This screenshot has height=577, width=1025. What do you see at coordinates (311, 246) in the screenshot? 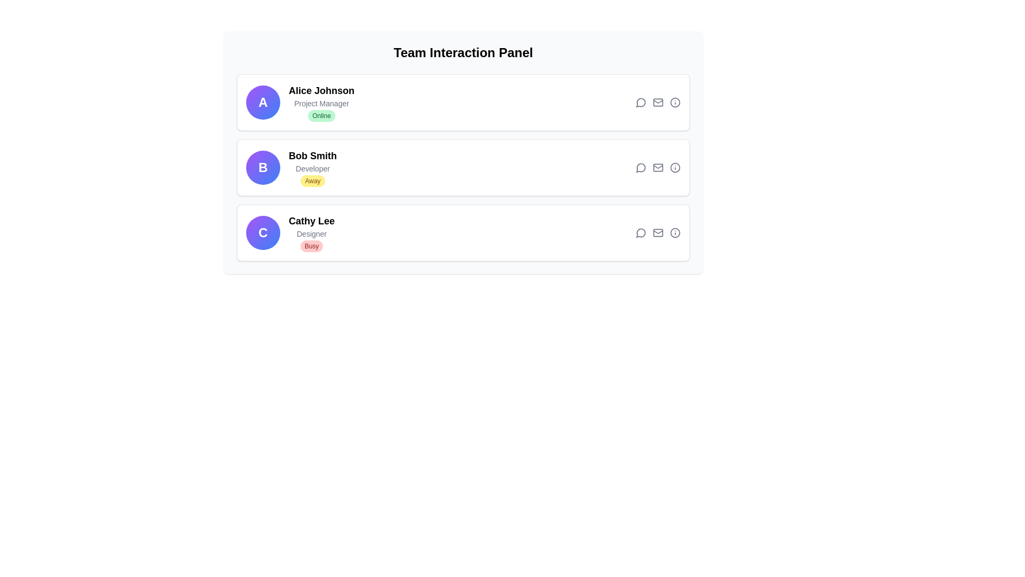
I see `the Status badge for user 'Cathy Lee', which displays the text 'Busy' in a rounded rectangle with a red background` at bounding box center [311, 246].